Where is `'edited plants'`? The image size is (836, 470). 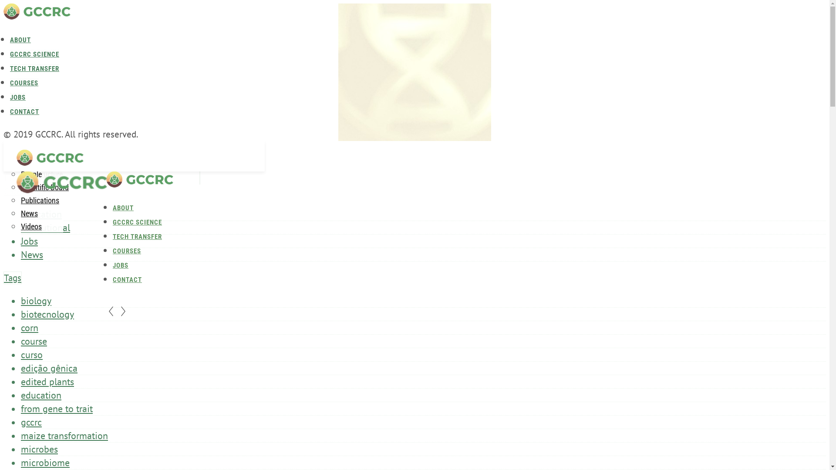
'edited plants' is located at coordinates (47, 381).